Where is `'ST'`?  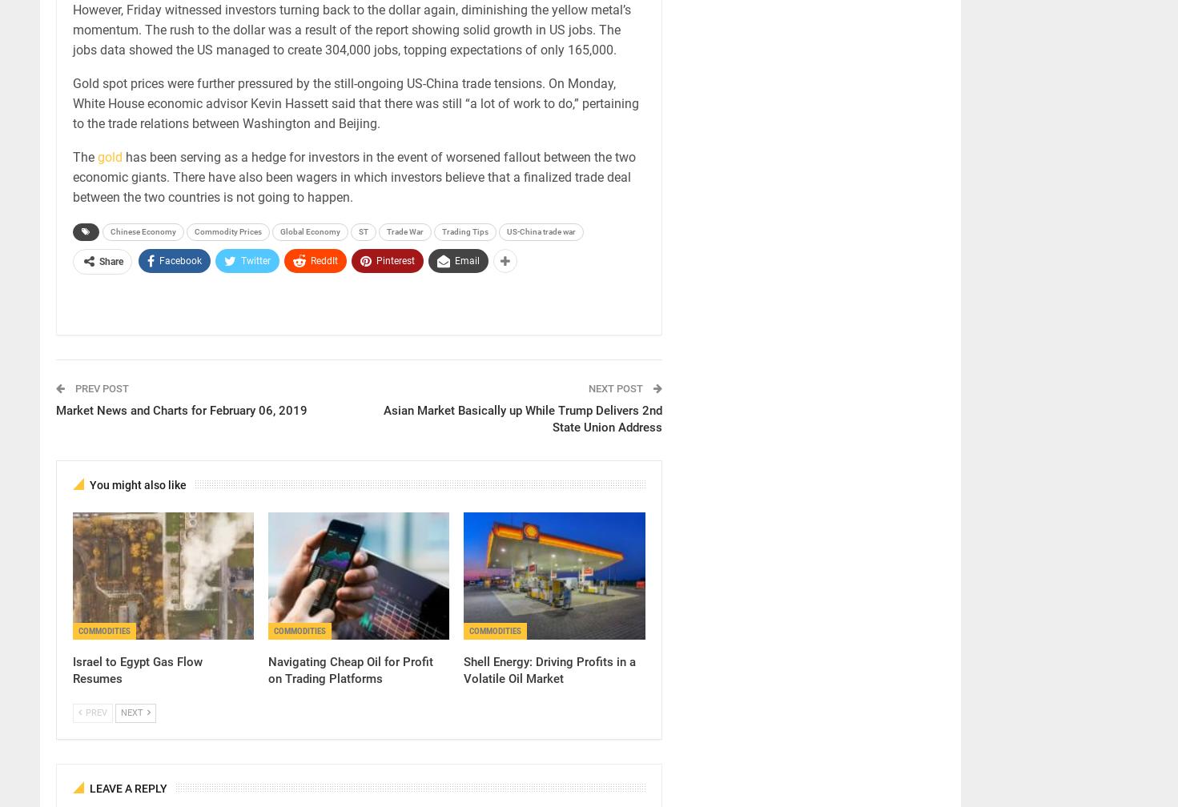
'ST' is located at coordinates (363, 231).